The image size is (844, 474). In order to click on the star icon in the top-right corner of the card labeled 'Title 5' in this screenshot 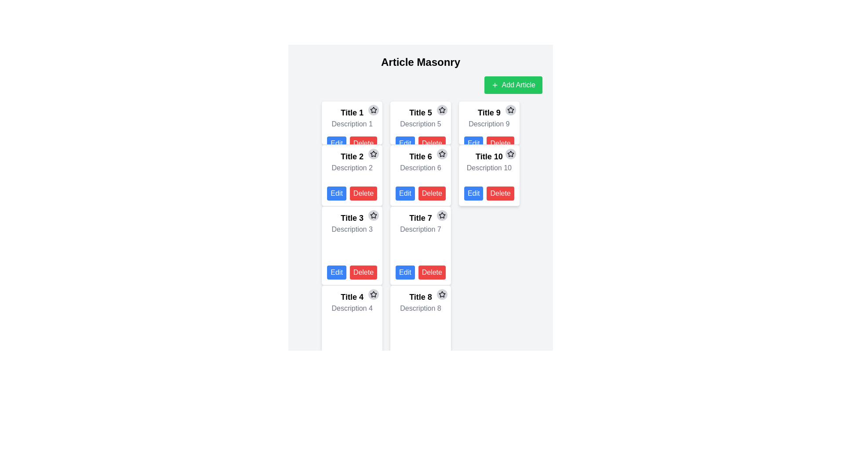, I will do `click(442, 109)`.